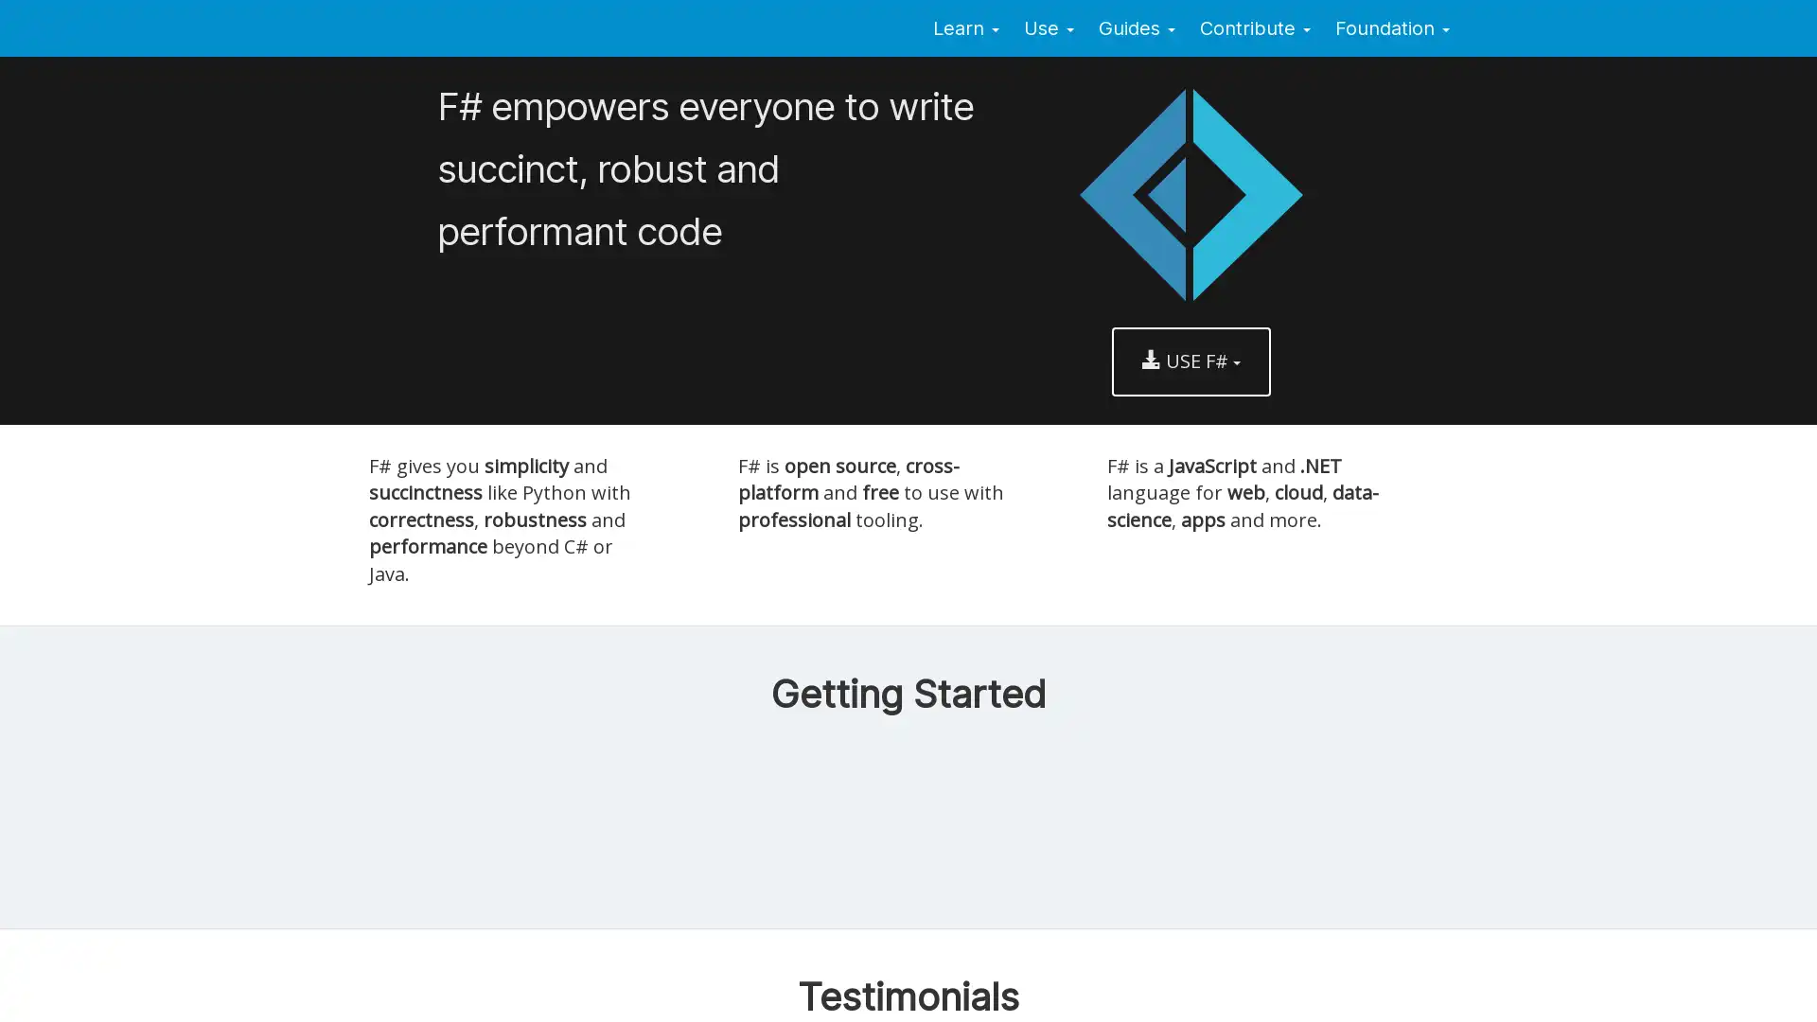  What do you see at coordinates (1190, 361) in the screenshot?
I see `USE F#` at bounding box center [1190, 361].